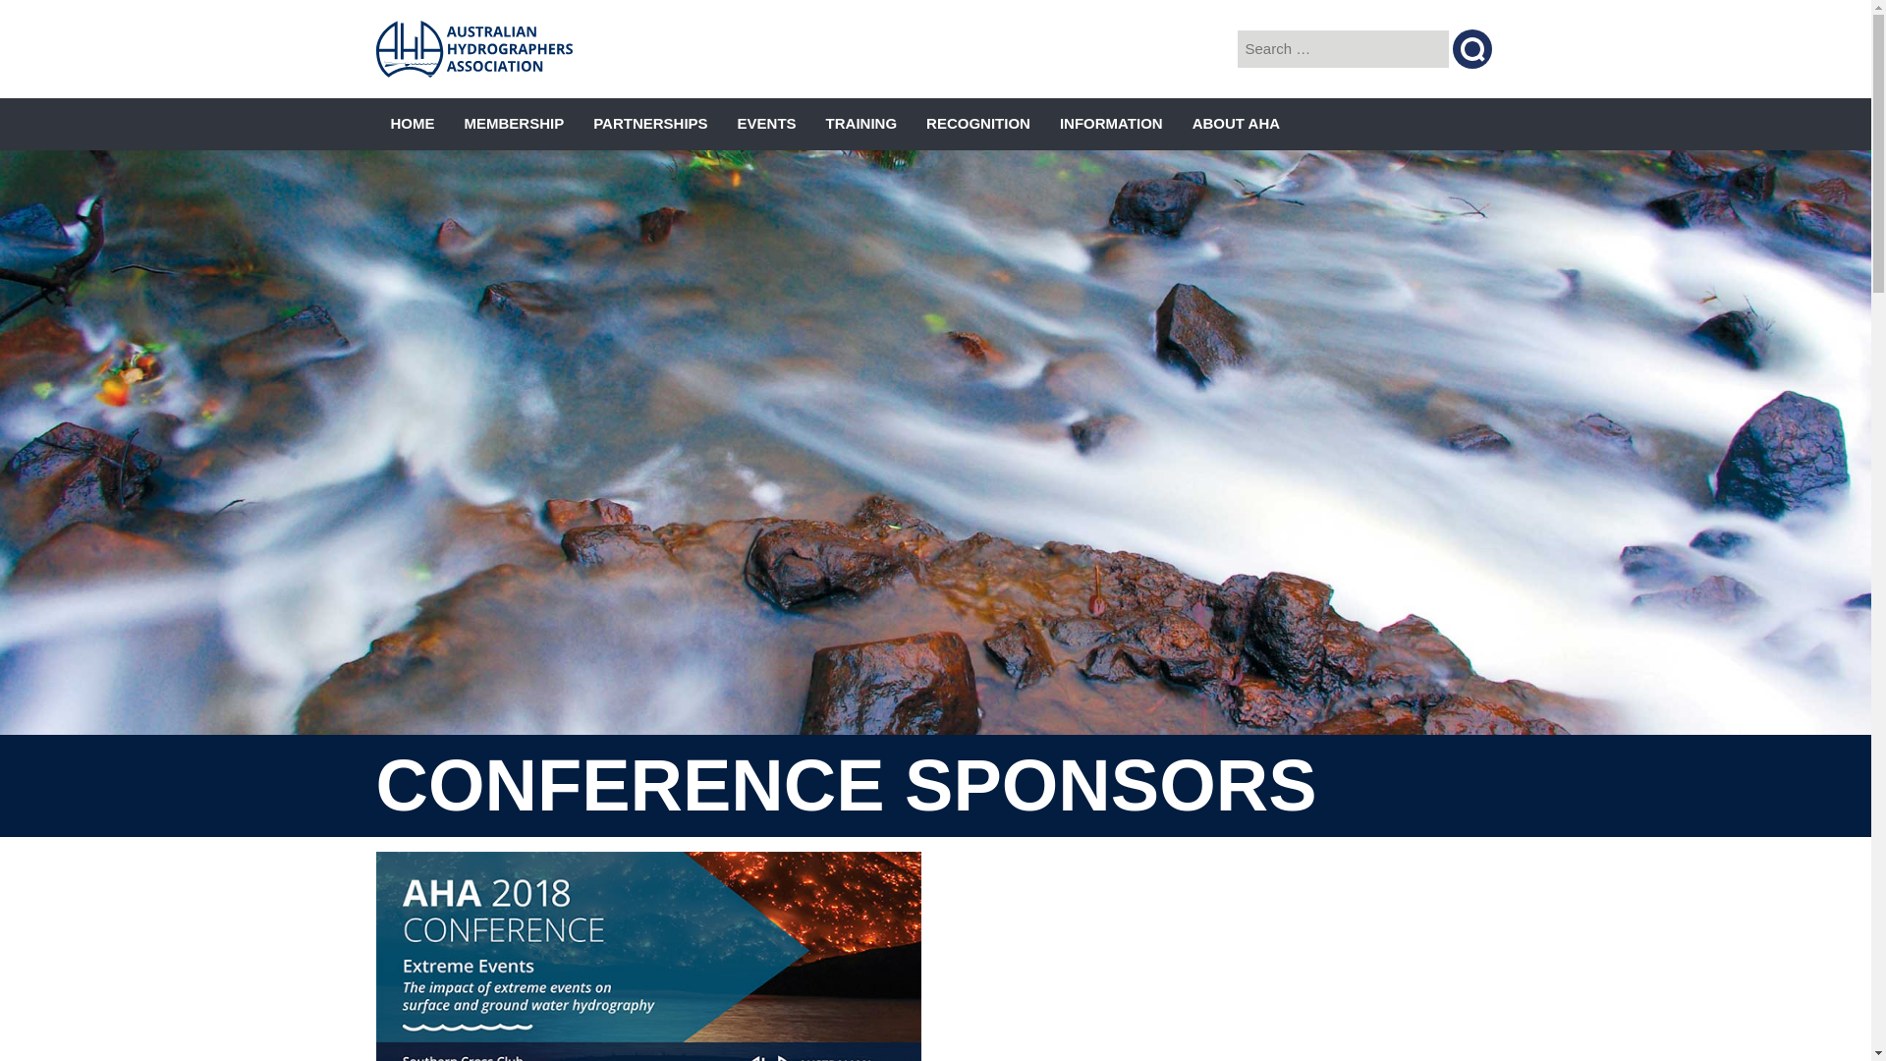  Describe the element at coordinates (514, 124) in the screenshot. I see `'MEMBERSHIP'` at that location.